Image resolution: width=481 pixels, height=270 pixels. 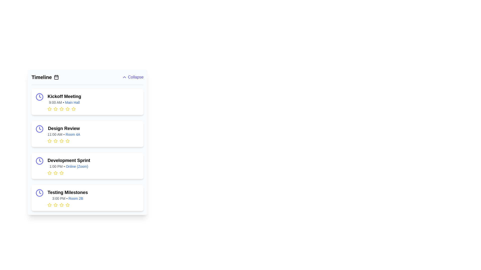 What do you see at coordinates (55, 108) in the screenshot?
I see `the first star icon` at bounding box center [55, 108].